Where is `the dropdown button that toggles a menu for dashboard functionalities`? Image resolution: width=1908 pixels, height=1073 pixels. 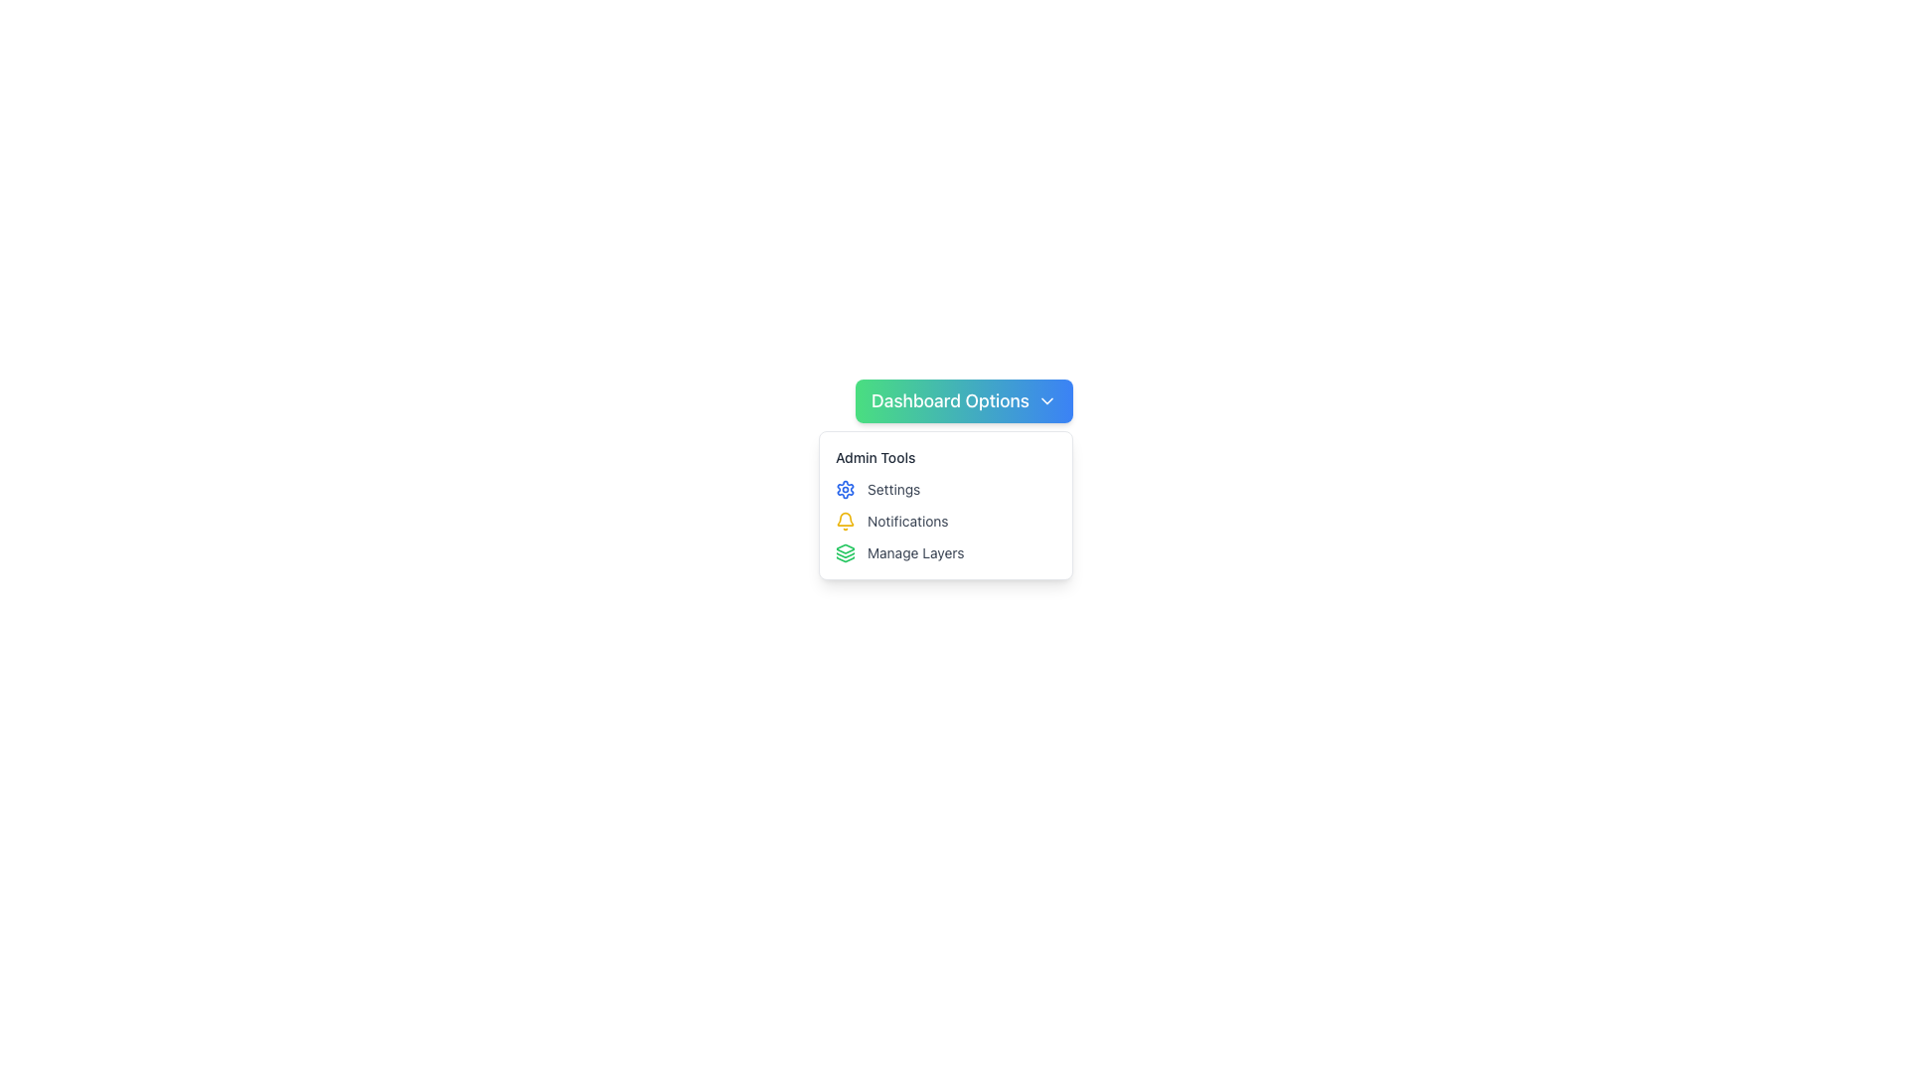 the dropdown button that toggles a menu for dashboard functionalities is located at coordinates (964, 401).